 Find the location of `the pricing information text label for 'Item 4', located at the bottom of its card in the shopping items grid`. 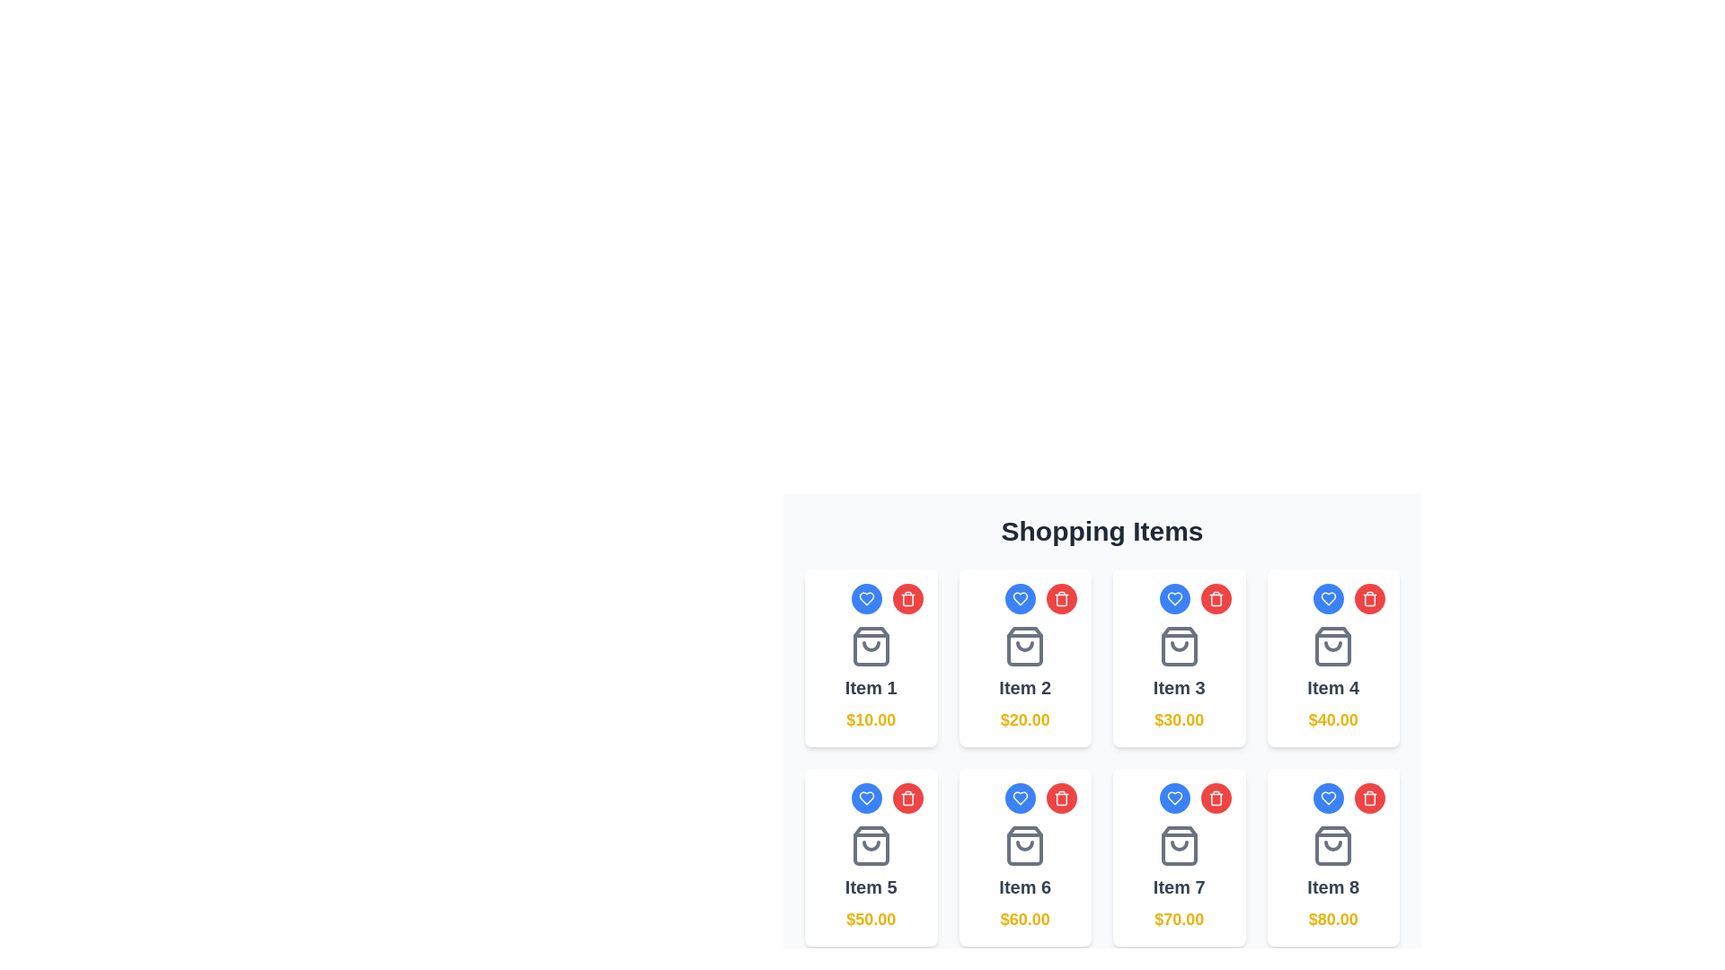

the pricing information text label for 'Item 4', located at the bottom of its card in the shopping items grid is located at coordinates (1333, 719).